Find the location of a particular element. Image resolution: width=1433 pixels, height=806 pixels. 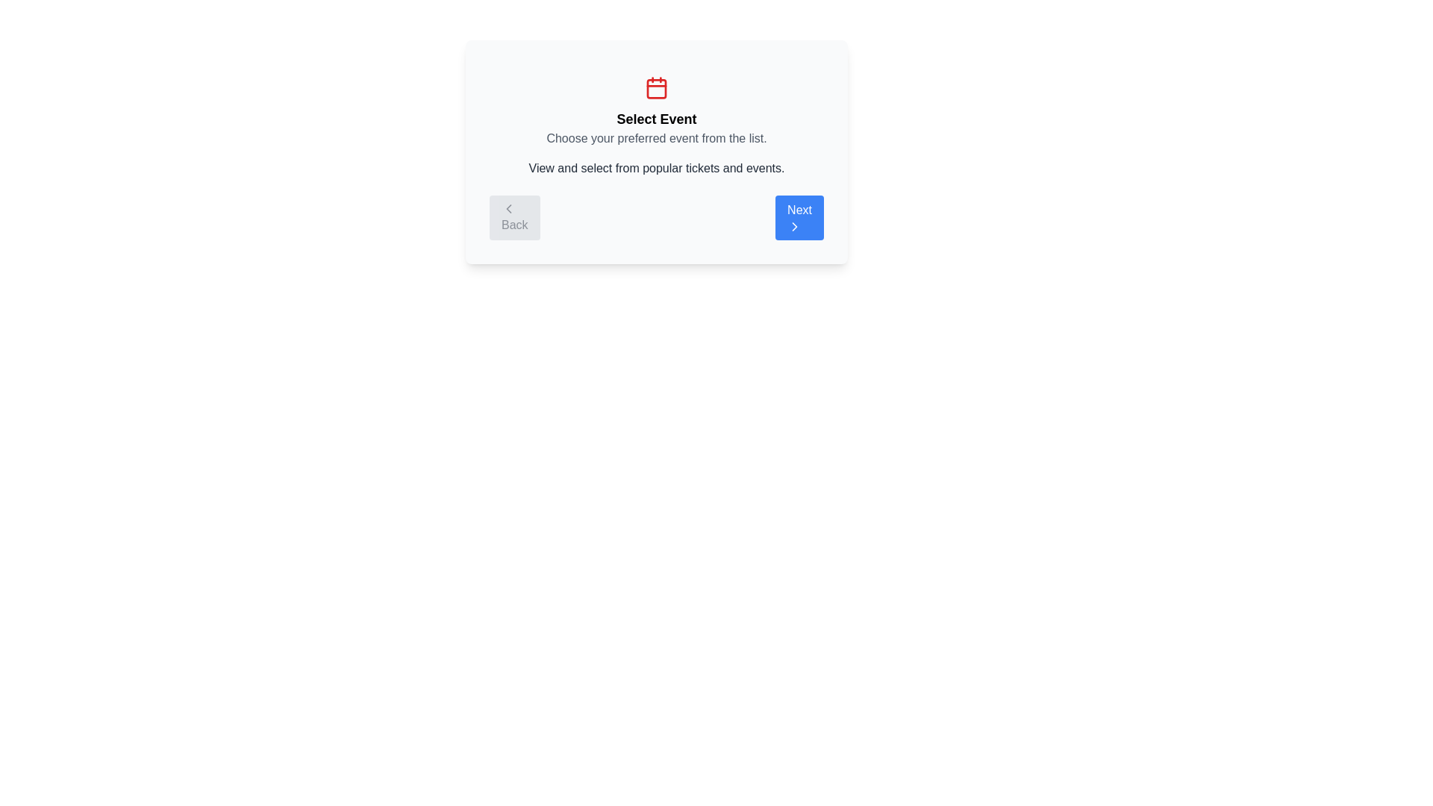

the Next button to navigate to the Next step is located at coordinates (799, 218).